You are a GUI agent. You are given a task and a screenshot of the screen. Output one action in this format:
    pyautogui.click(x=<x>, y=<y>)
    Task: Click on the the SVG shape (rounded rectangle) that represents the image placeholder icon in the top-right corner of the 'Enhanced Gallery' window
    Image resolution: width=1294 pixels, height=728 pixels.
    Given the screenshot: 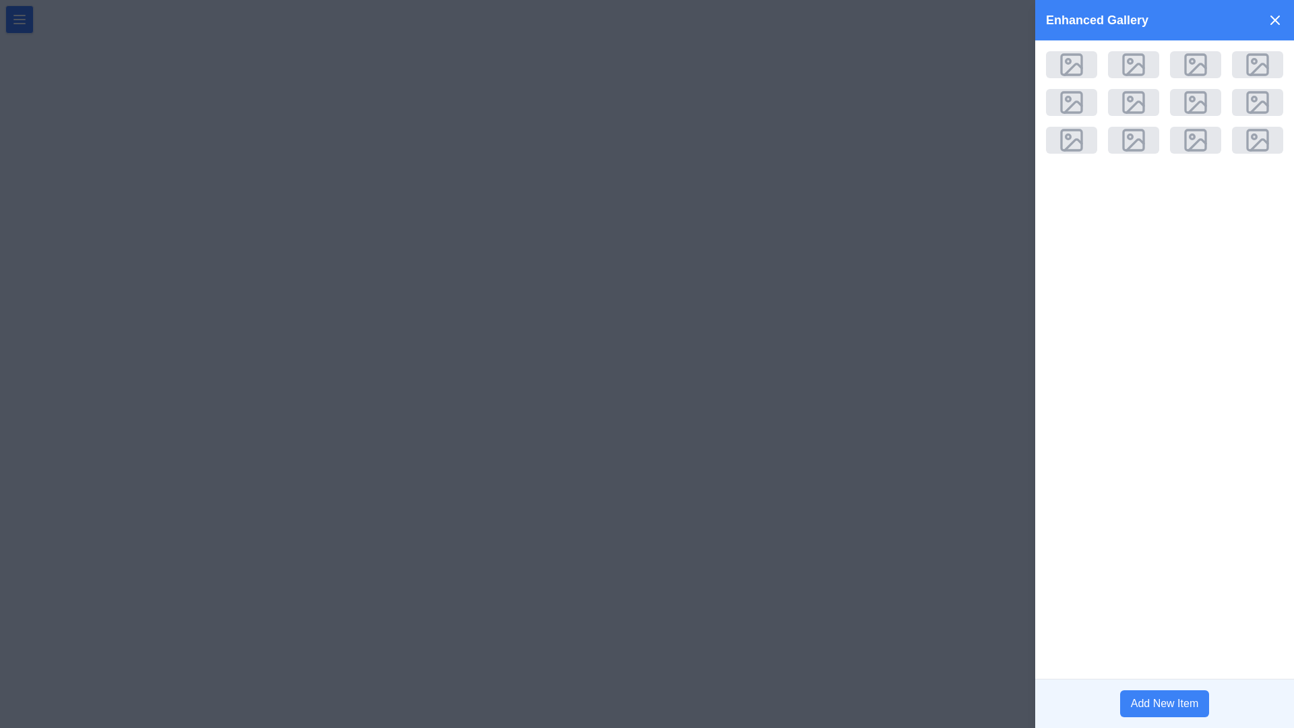 What is the action you would take?
    pyautogui.click(x=1257, y=65)
    